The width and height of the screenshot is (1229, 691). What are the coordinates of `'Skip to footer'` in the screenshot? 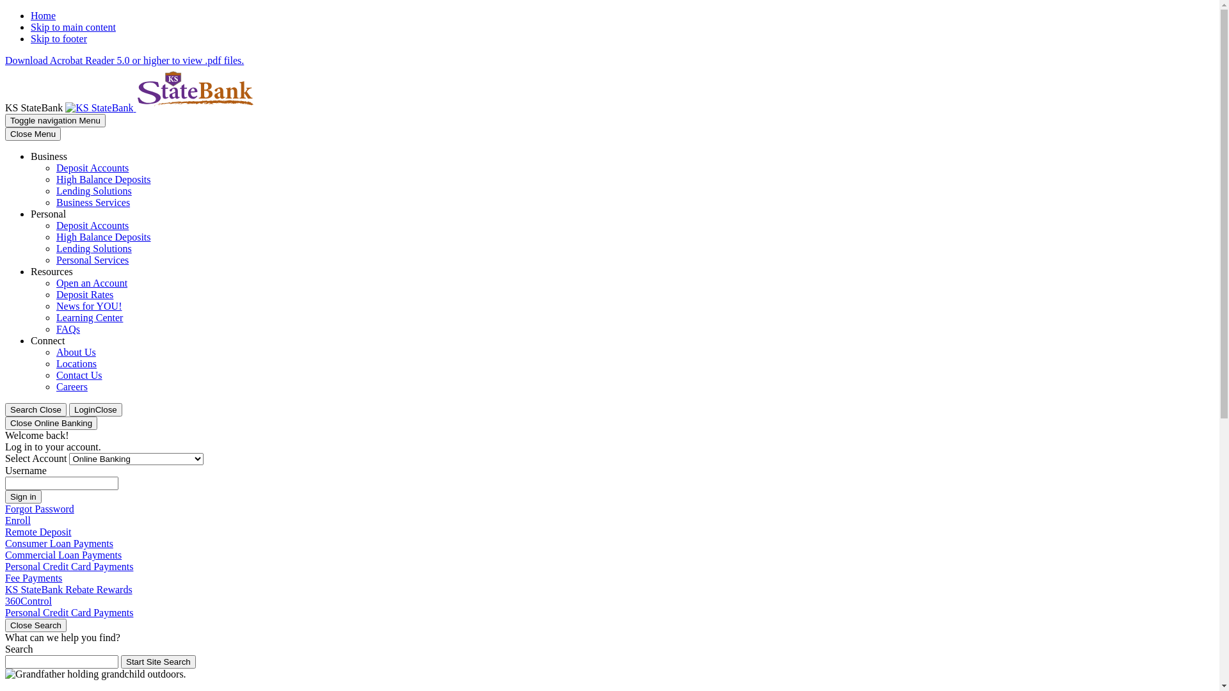 It's located at (58, 38).